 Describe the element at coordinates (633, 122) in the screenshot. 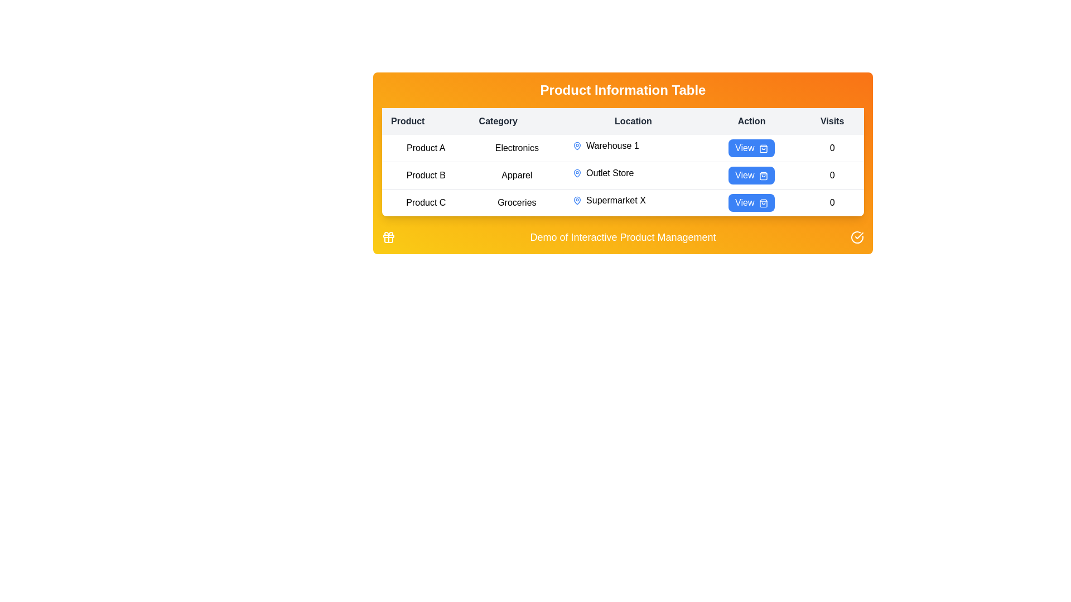

I see `the 'Location' column header label, which is the third header in the table, positioned between 'Category' and 'Action'` at that location.